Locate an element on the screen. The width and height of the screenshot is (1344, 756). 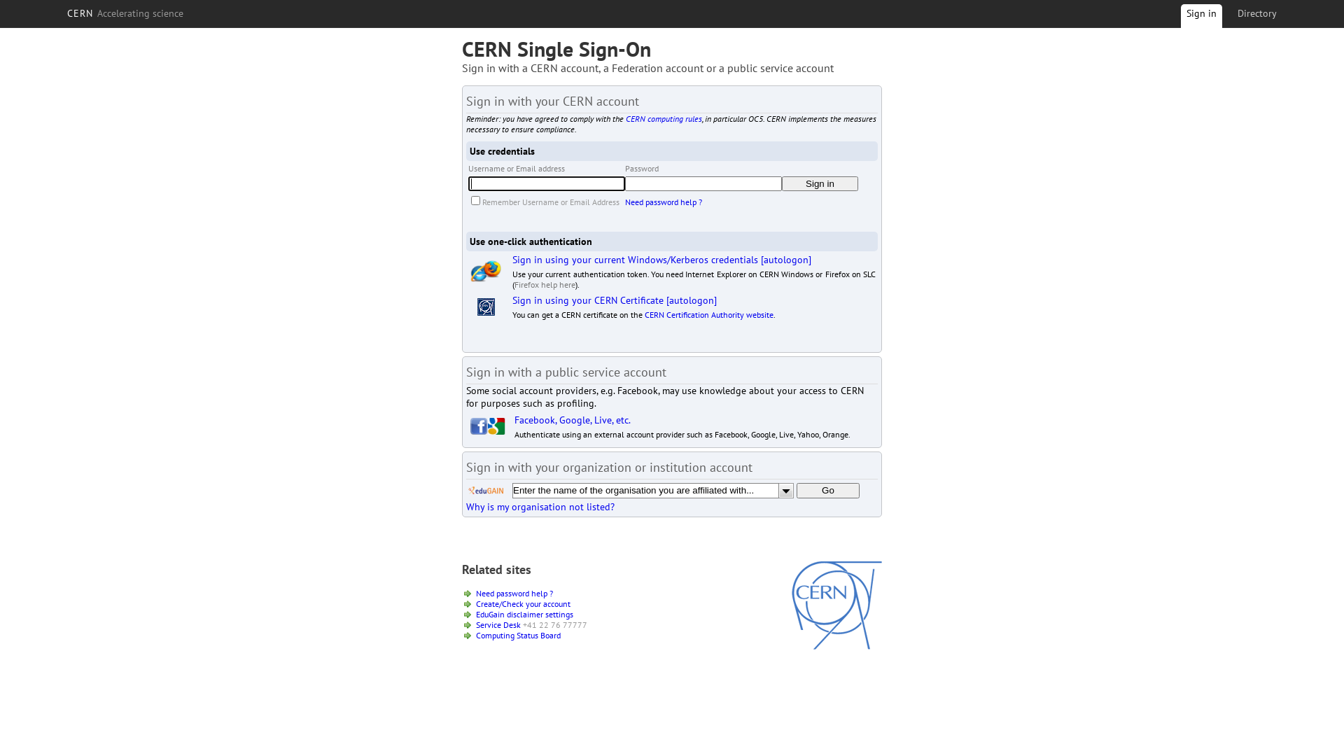
'CERN' is located at coordinates (792, 645).